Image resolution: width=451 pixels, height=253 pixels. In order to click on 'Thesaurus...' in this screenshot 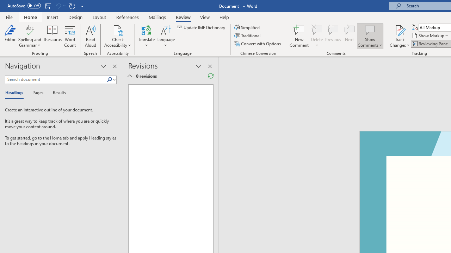, I will do `click(52, 36)`.